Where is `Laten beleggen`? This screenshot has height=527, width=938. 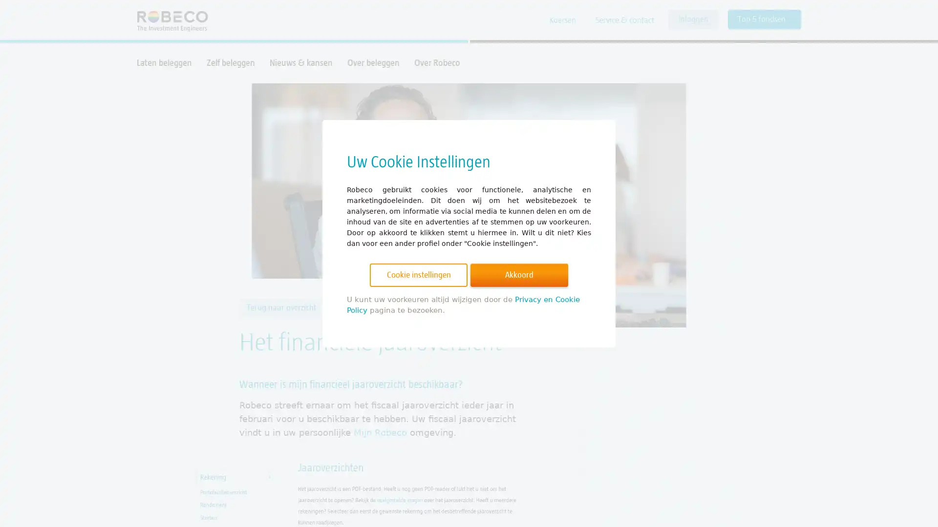 Laten beleggen is located at coordinates (164, 62).